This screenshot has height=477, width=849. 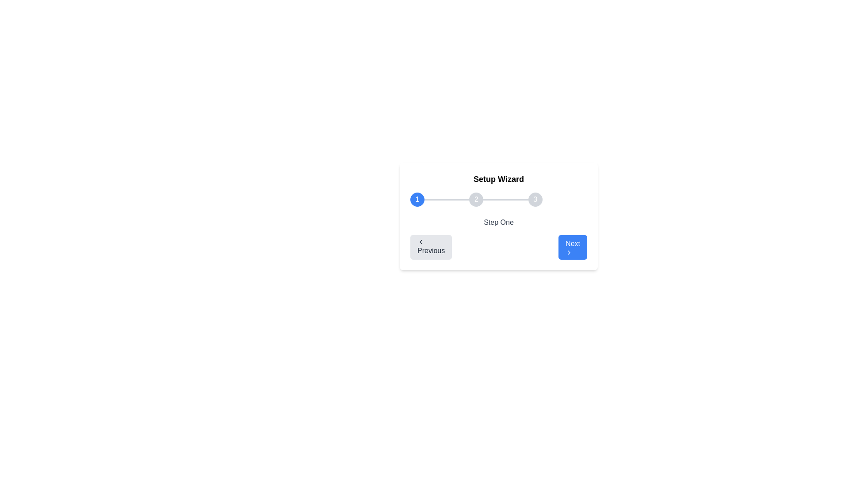 What do you see at coordinates (447, 199) in the screenshot?
I see `the progress bar segment that visually connects step '1' to step '2' in the setup wizard` at bounding box center [447, 199].